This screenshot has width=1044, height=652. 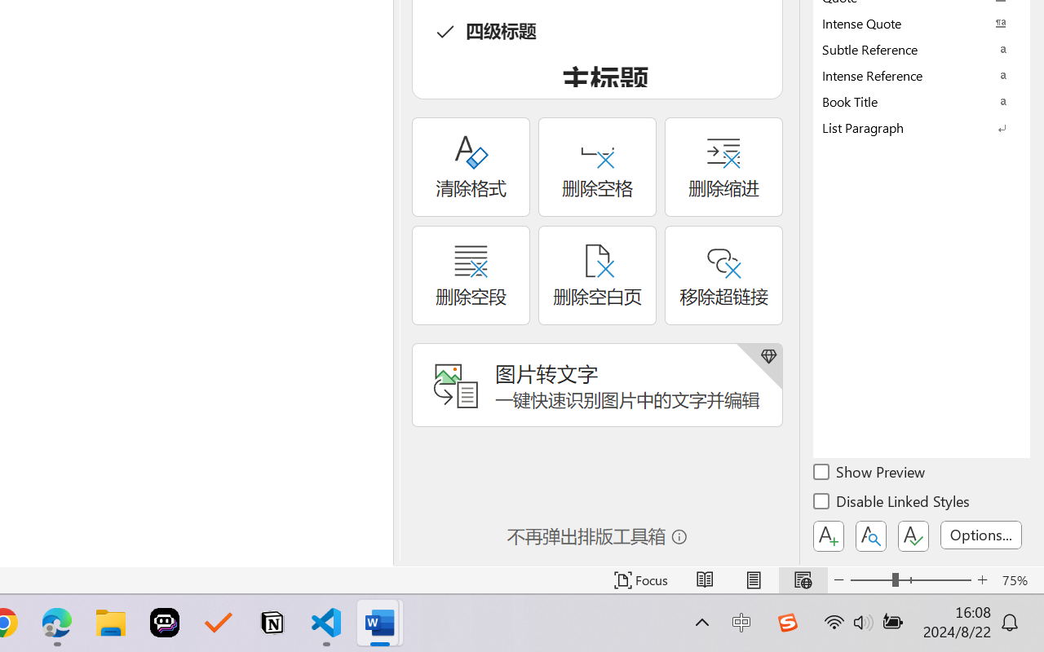 What do you see at coordinates (913, 535) in the screenshot?
I see `'Class: NetUIButton'` at bounding box center [913, 535].